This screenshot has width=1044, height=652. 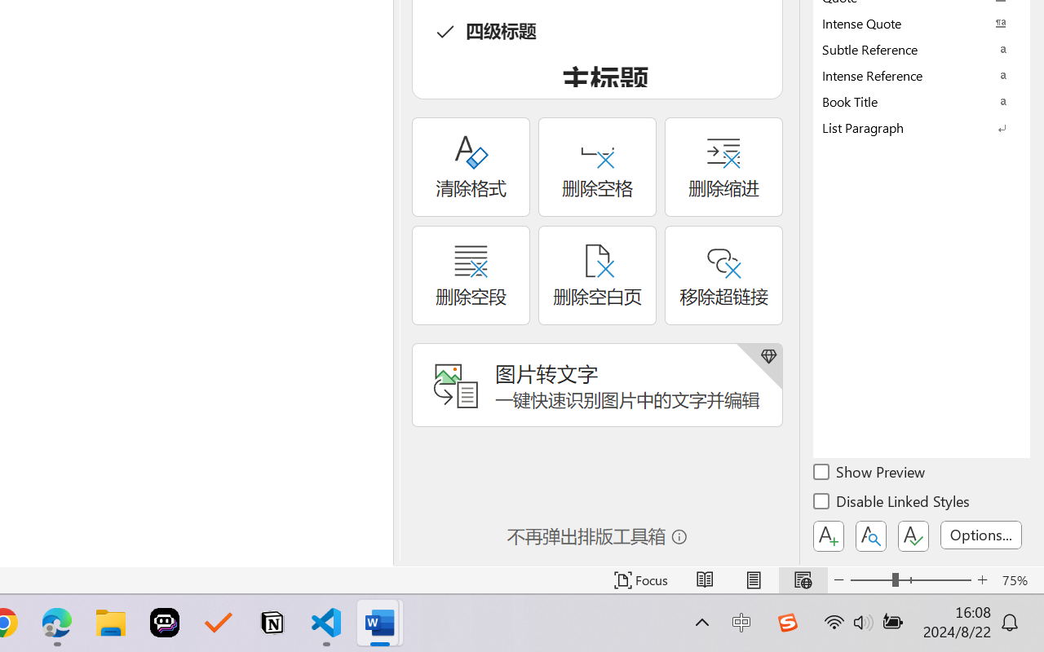 What do you see at coordinates (913, 535) in the screenshot?
I see `'Class: NetUIButton'` at bounding box center [913, 535].